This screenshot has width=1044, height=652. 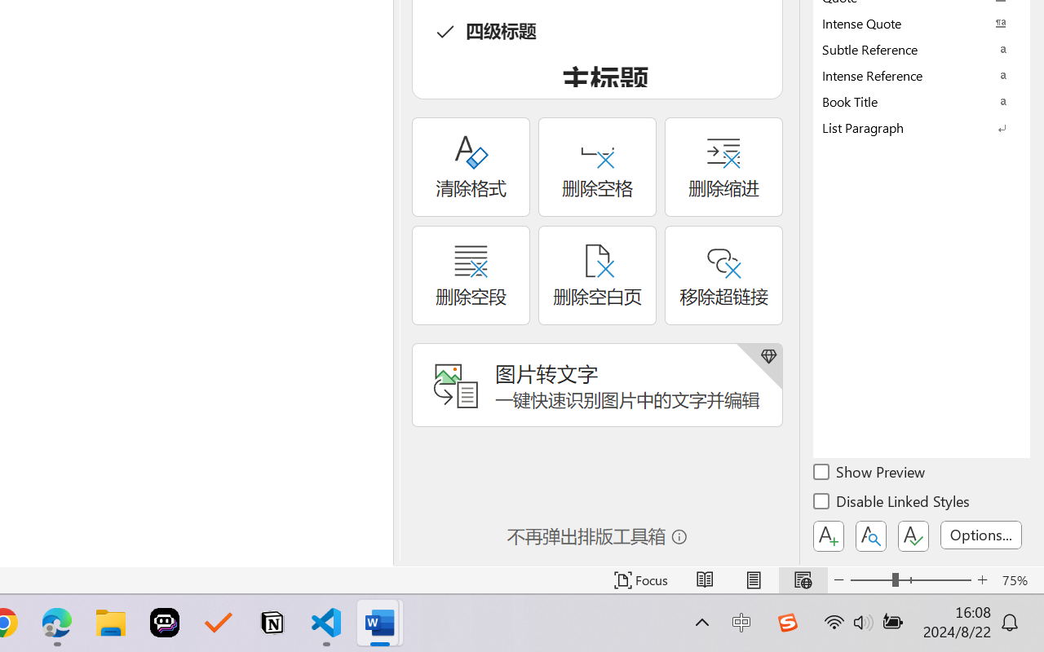 What do you see at coordinates (913, 535) in the screenshot?
I see `'Class: NetUIButton'` at bounding box center [913, 535].